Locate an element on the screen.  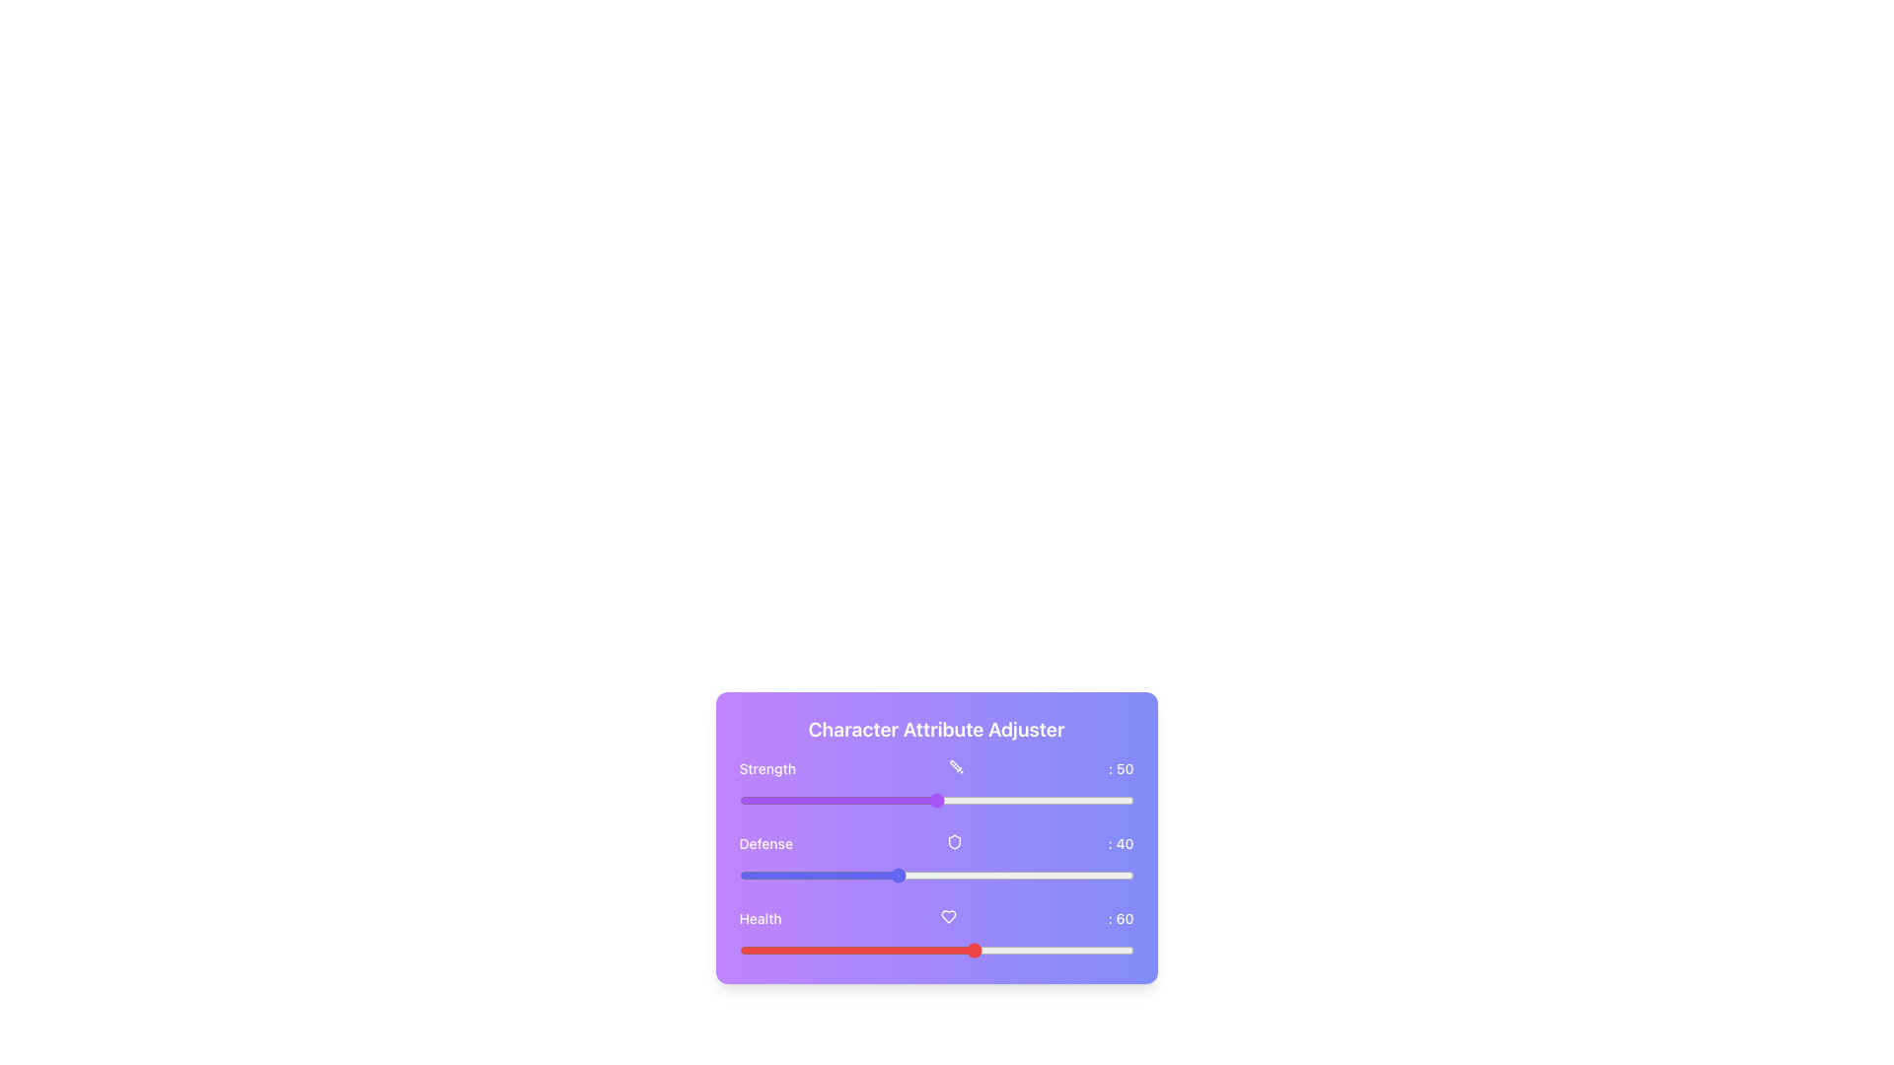
the Strength attribute is located at coordinates (868, 801).